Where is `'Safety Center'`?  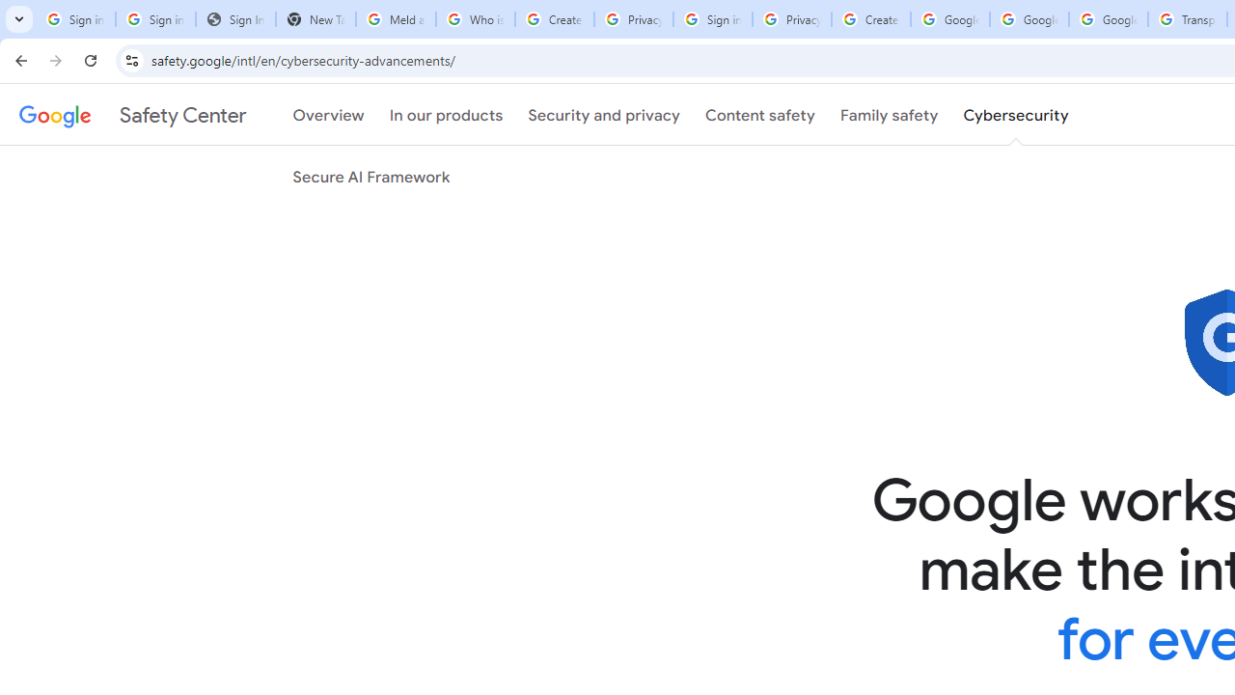 'Safety Center' is located at coordinates (131, 115).